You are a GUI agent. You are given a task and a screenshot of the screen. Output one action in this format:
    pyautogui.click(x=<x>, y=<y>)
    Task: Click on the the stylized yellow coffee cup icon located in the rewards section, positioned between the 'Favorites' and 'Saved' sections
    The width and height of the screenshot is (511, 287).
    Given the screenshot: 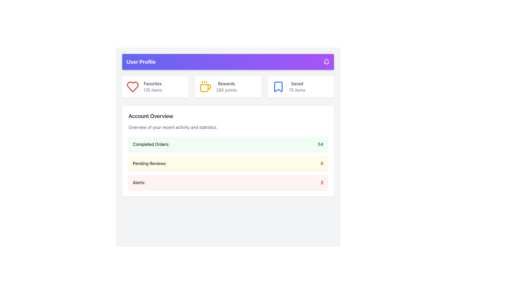 What is the action you would take?
    pyautogui.click(x=205, y=87)
    